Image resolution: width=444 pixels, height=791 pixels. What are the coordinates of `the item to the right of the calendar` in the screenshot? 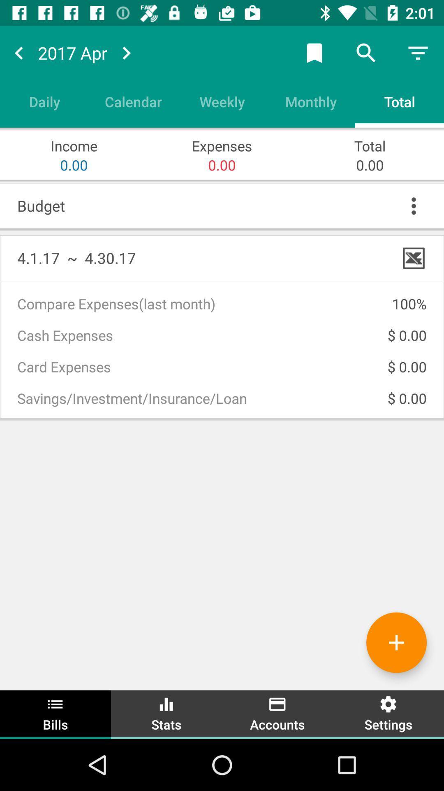 It's located at (222, 101).